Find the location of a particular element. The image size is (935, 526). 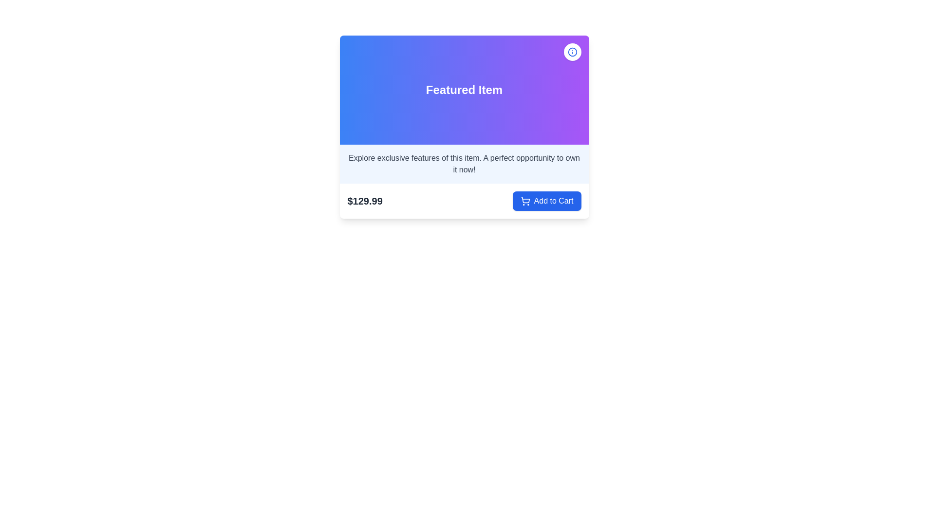

the small, circular button with a white background and blue border containing an 'info' icon located in the top-right corner of the 'Featured Item' card component is located at coordinates (572, 52).